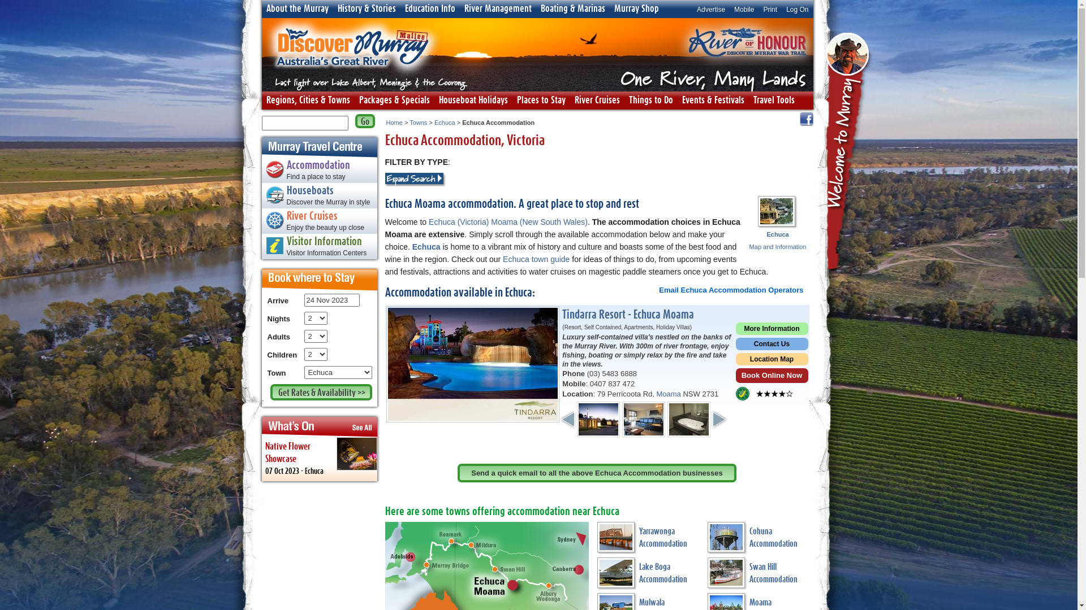 This screenshot has width=1086, height=610. What do you see at coordinates (770, 330) in the screenshot?
I see `'More Information'` at bounding box center [770, 330].